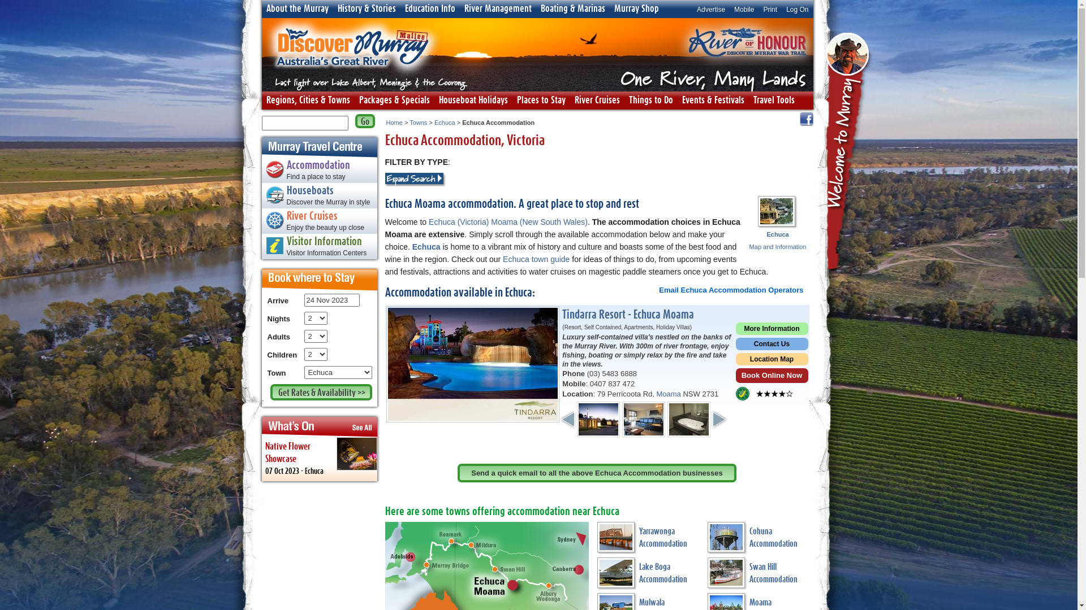 This screenshot has width=1086, height=610. What do you see at coordinates (770, 330) in the screenshot?
I see `'More Information'` at bounding box center [770, 330].